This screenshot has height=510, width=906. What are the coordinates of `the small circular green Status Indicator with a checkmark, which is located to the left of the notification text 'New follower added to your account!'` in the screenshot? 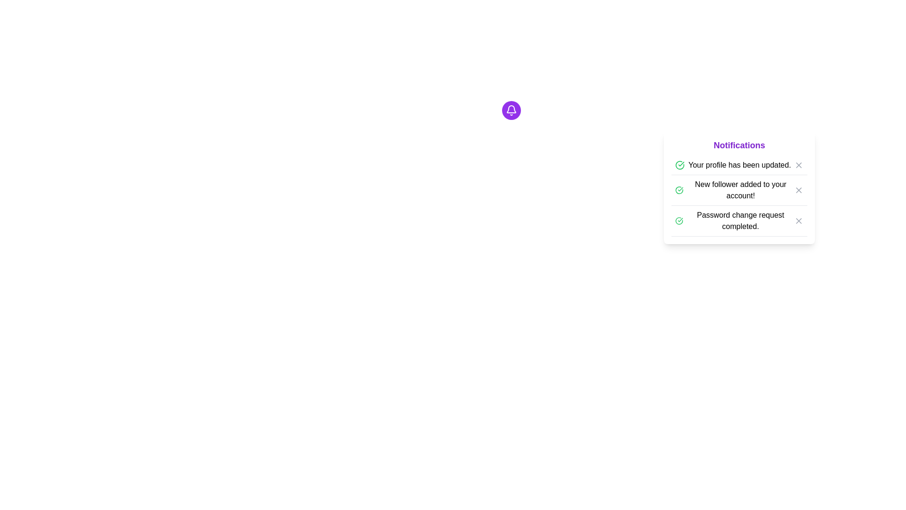 It's located at (679, 190).